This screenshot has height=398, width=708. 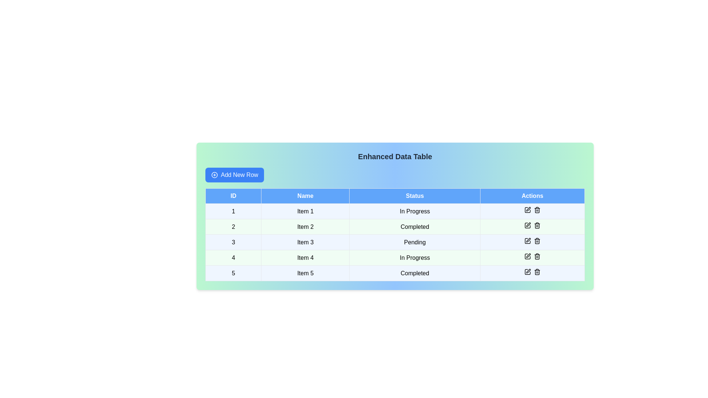 What do you see at coordinates (537, 256) in the screenshot?
I see `the trash bin icon button, which is the second icon in the last row under the 'Actions' column of the data table, to possibly reveal additional information or a tooltip` at bounding box center [537, 256].